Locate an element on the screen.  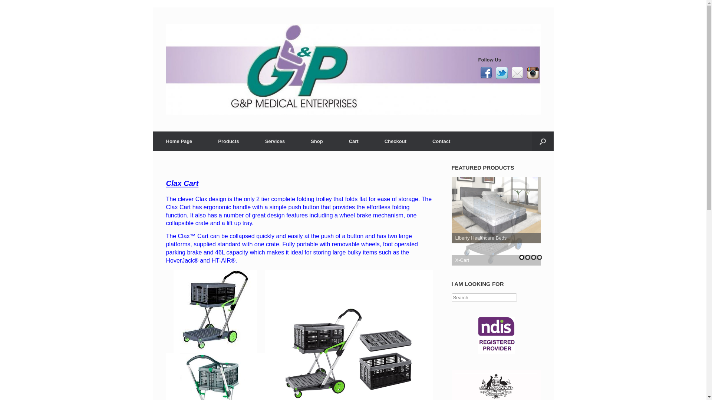
'Cart' is located at coordinates (353, 141).